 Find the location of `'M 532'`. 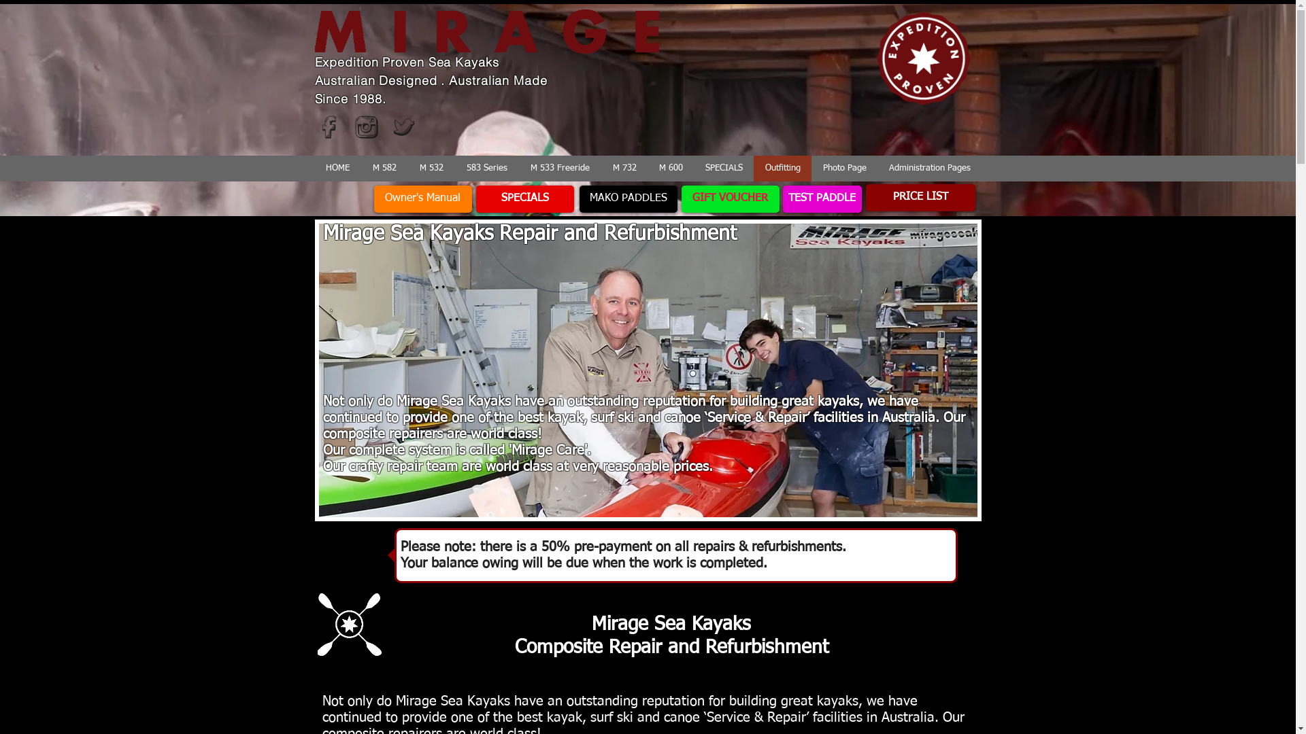

'M 532' is located at coordinates (431, 167).